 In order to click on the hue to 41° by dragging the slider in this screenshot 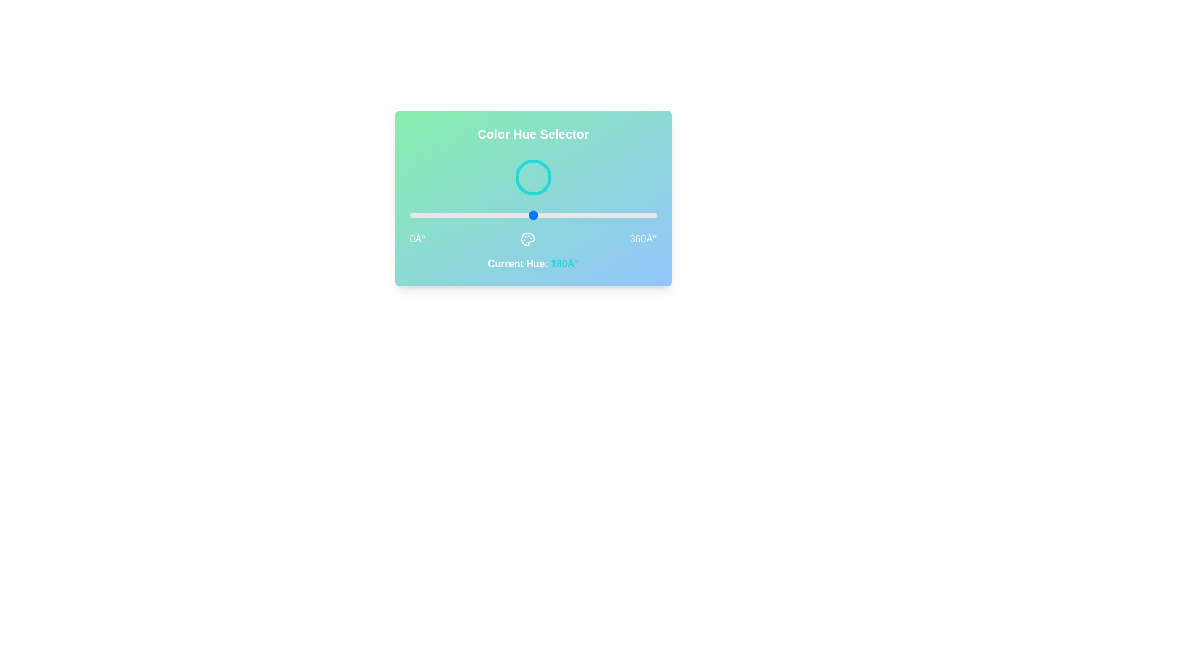, I will do `click(438, 214)`.